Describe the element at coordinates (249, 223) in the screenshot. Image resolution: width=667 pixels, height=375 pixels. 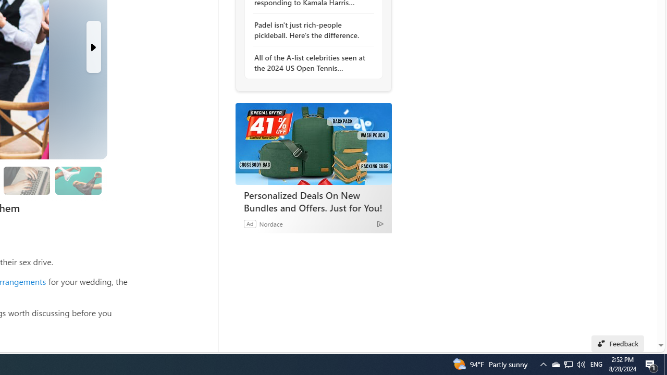
I see `'Ad'` at that location.